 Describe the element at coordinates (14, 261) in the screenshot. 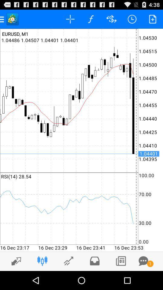

I see `show trend` at that location.